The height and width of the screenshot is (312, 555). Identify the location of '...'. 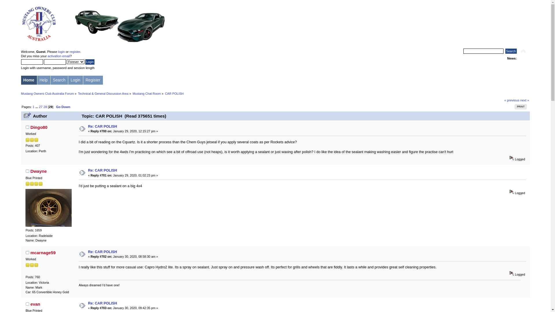
(37, 107).